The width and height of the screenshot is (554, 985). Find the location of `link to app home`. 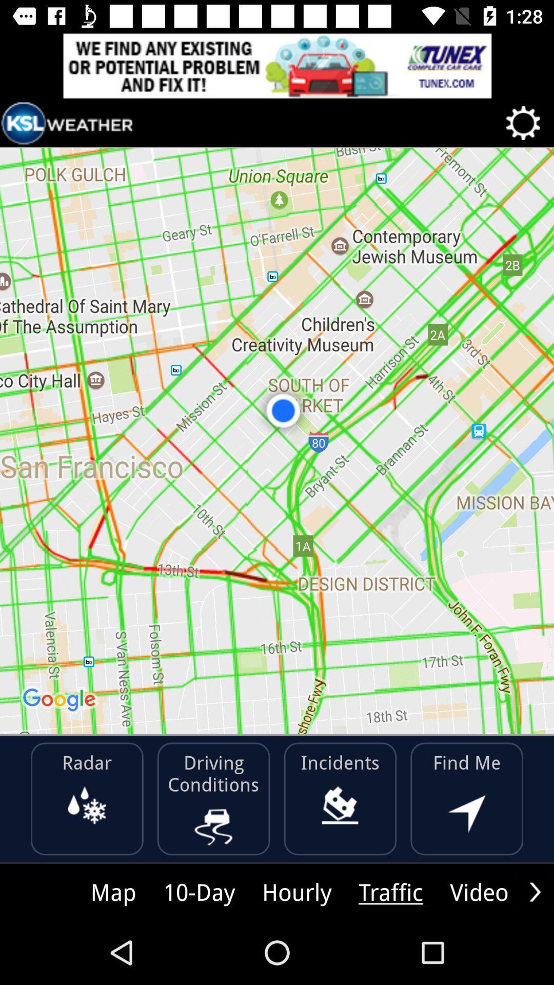

link to app home is located at coordinates (67, 123).